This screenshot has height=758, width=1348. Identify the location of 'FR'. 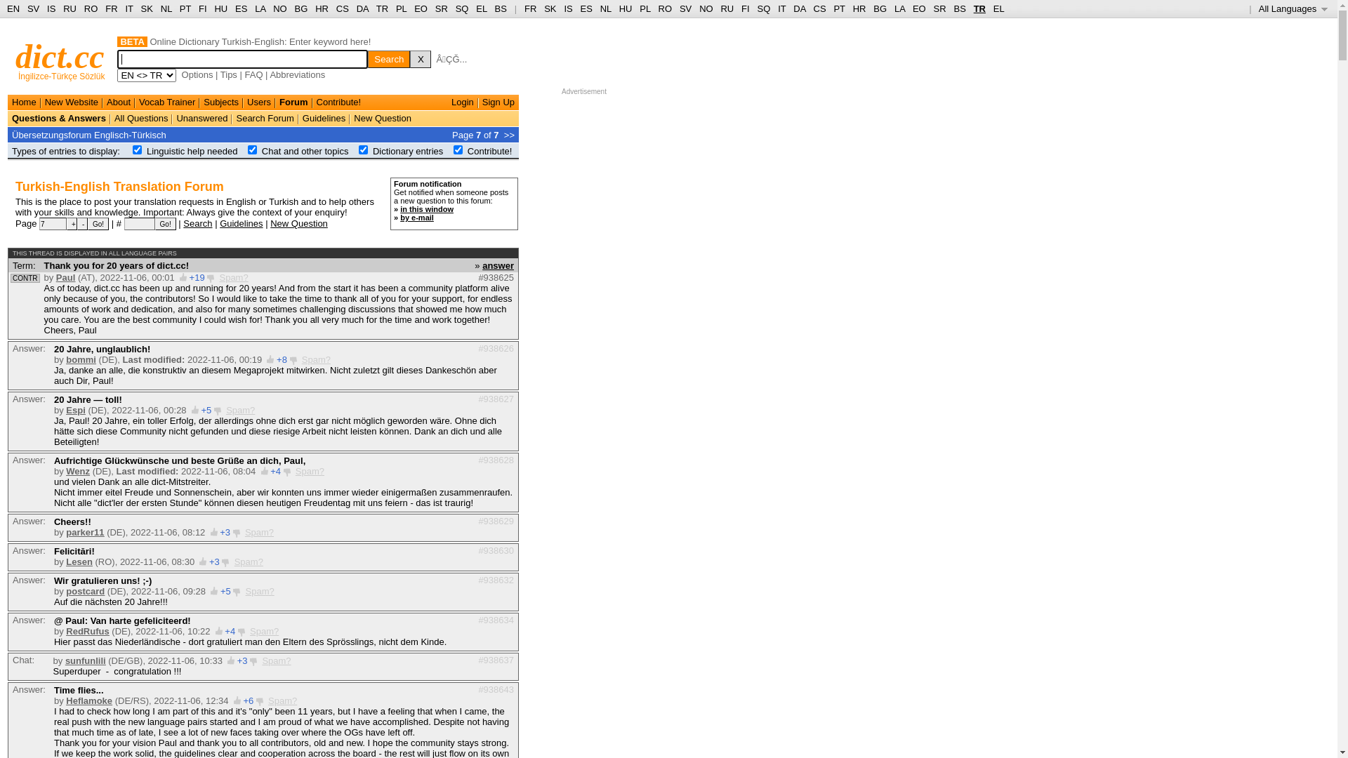
(524, 8).